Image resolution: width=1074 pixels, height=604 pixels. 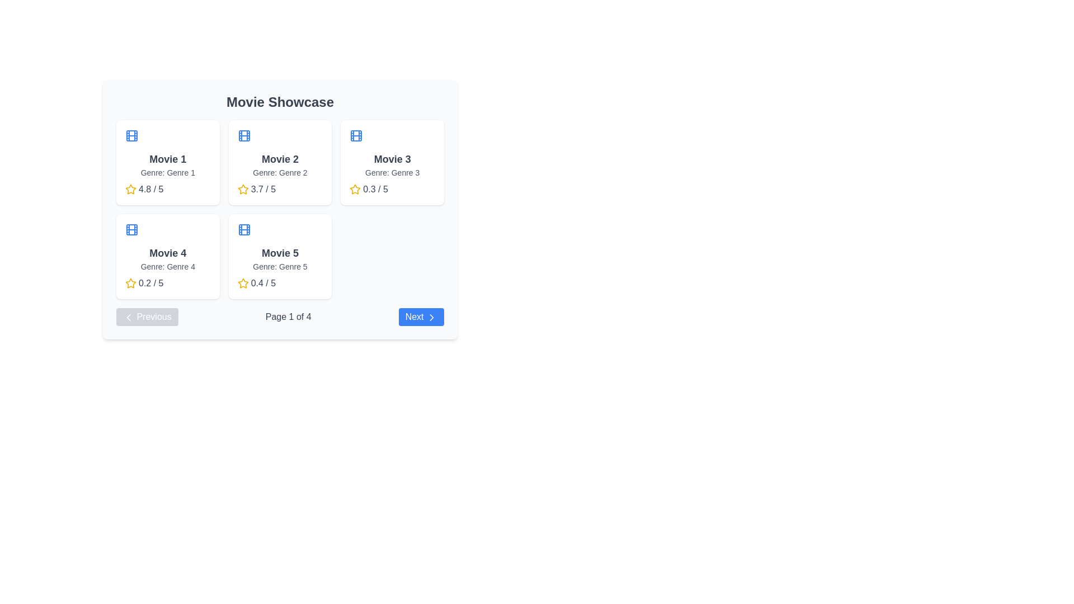 What do you see at coordinates (131, 188) in the screenshot?
I see `the yellow outlined star icon with a red circular detail located in the bottom-left corner of the 'Movie 1' card in the 'Movie Showcase' section to rate it` at bounding box center [131, 188].